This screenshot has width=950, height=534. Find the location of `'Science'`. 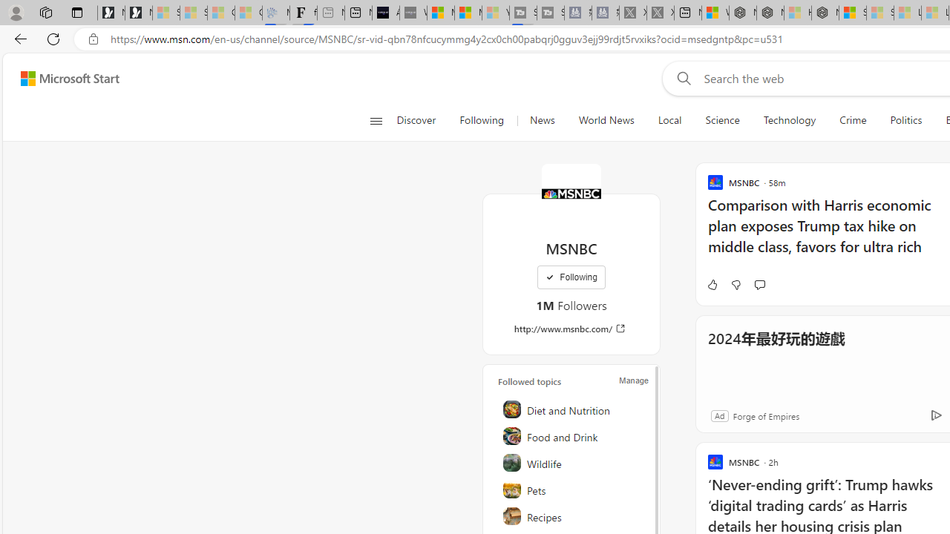

'Science' is located at coordinates (722, 120).